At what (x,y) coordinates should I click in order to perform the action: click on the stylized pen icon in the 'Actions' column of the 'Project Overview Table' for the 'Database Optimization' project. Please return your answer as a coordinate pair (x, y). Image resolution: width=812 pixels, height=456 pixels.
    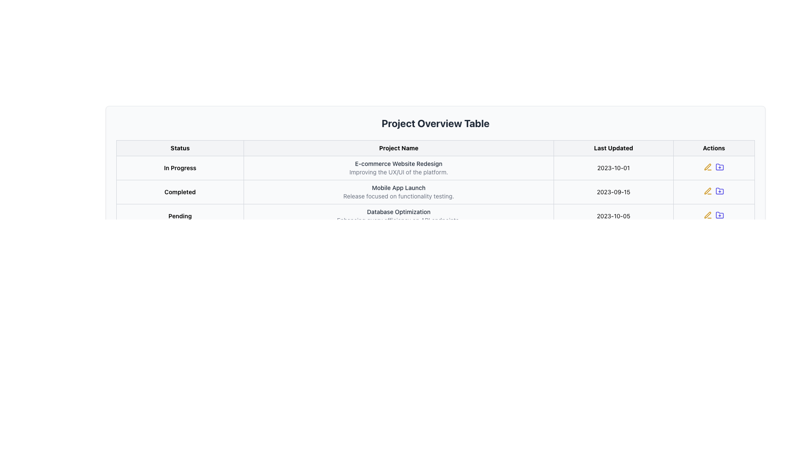
    Looking at the image, I should click on (708, 214).